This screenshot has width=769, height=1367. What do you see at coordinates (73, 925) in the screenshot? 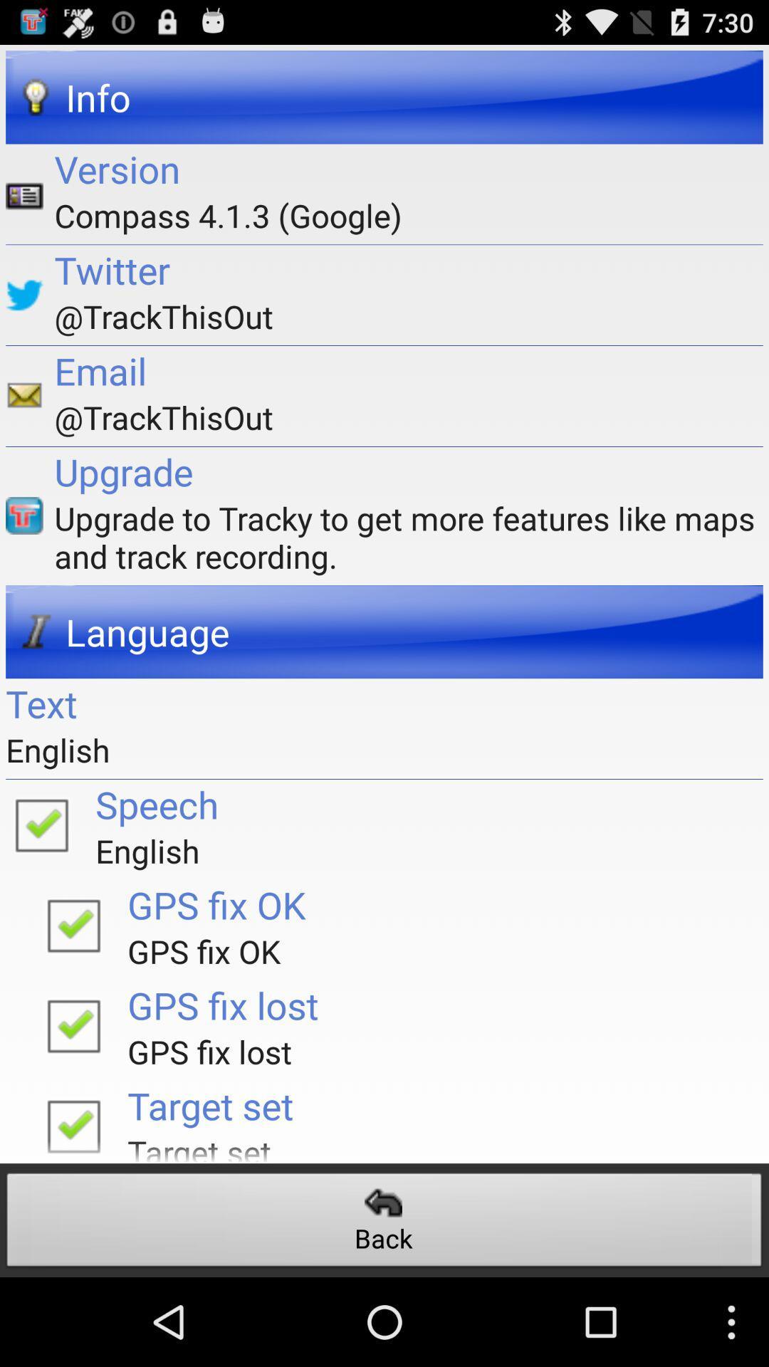
I see `gps fix` at bounding box center [73, 925].